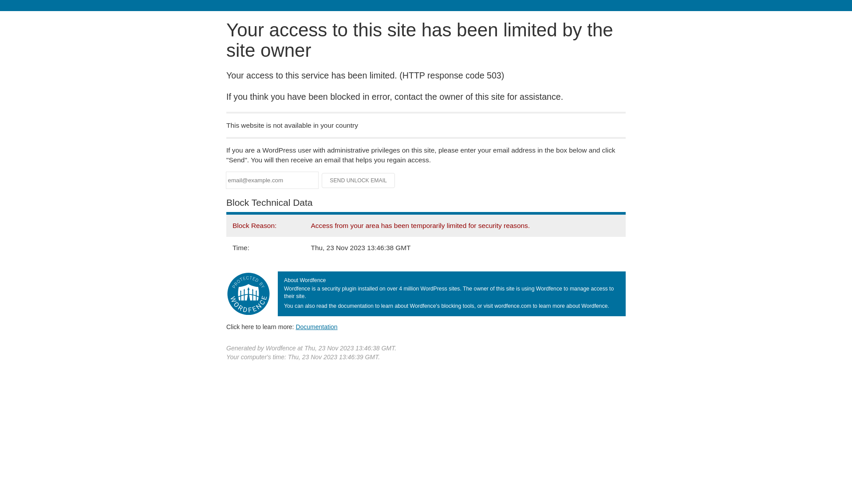 Image resolution: width=852 pixels, height=479 pixels. Describe the element at coordinates (358, 180) in the screenshot. I see `'Send Unlock Email'` at that location.